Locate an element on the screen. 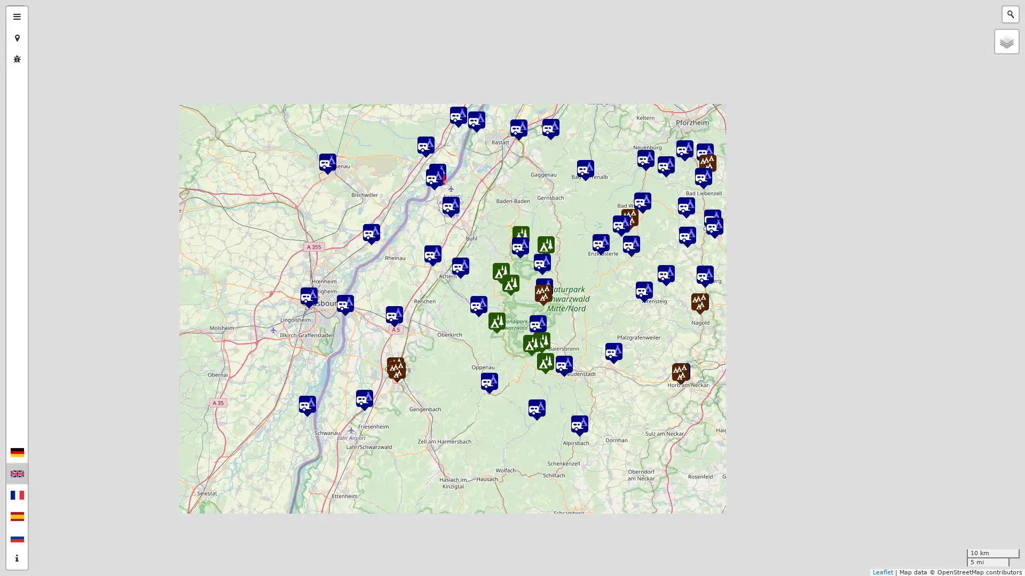 Image resolution: width=1025 pixels, height=576 pixels. Zoom in is located at coordinates (41, 14).